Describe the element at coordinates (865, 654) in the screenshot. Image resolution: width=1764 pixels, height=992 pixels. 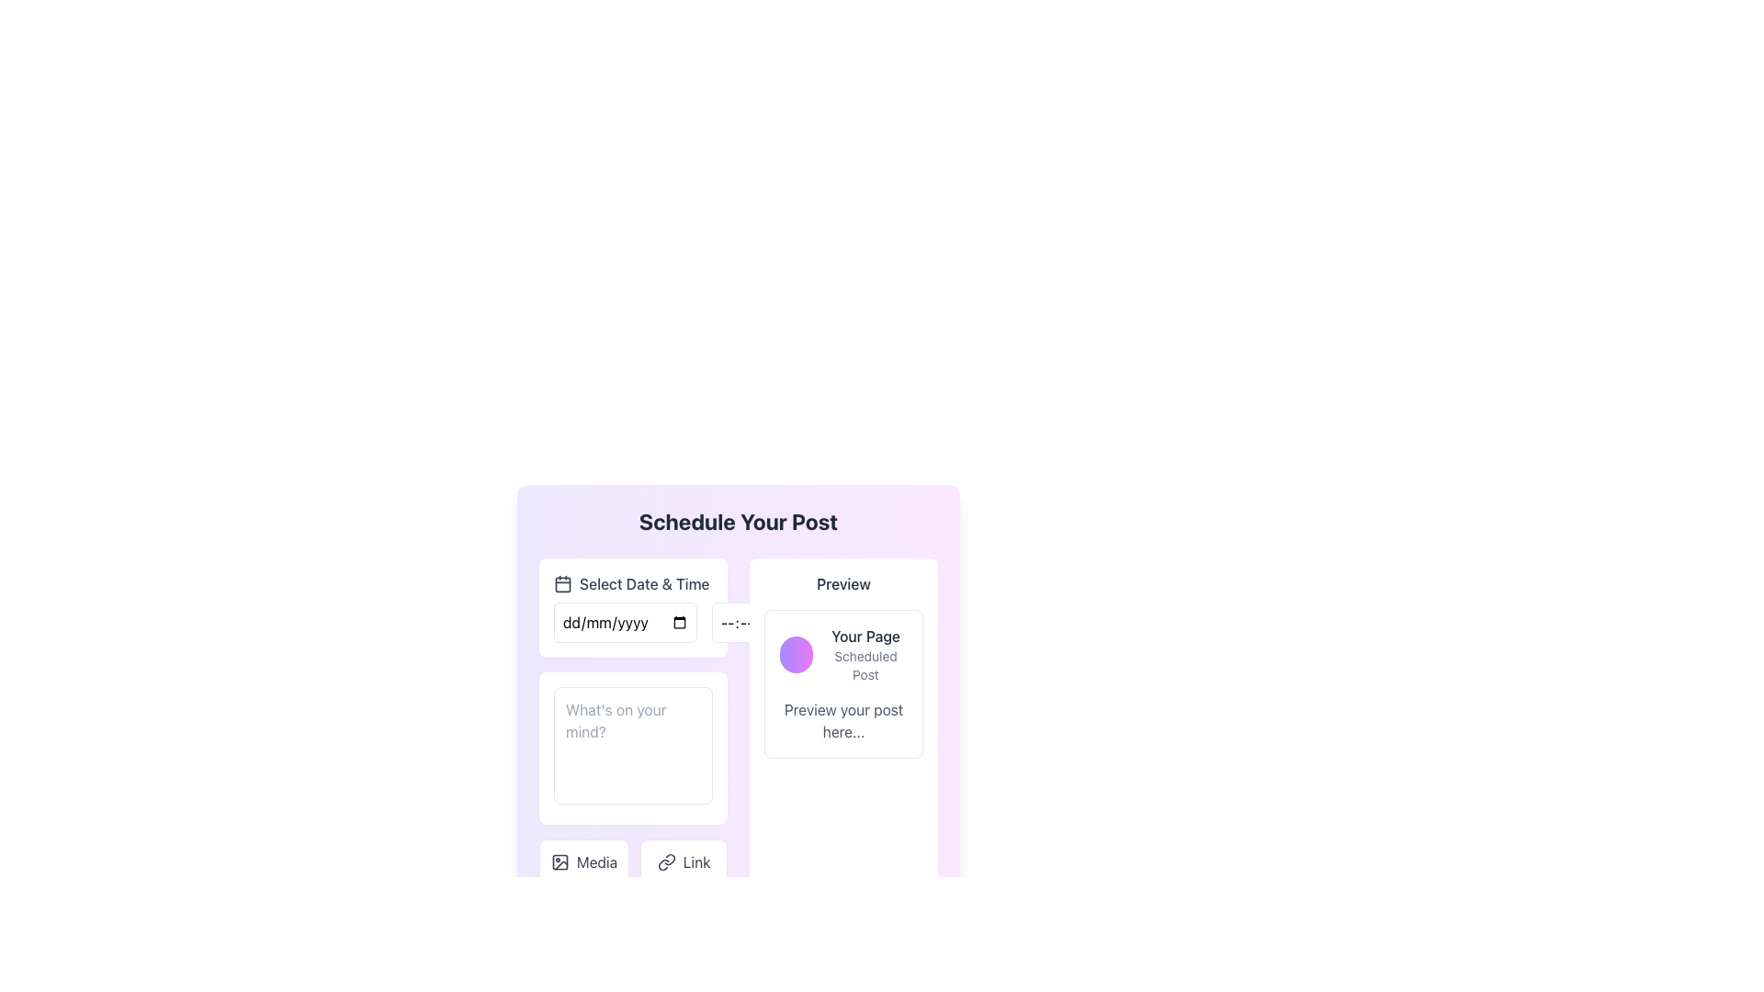
I see `the Text Label displaying 'Your Page' in bold dark gray and 'Scheduled Post' in smaller lighter gray, located on the right side of the interface within the preview section` at that location.